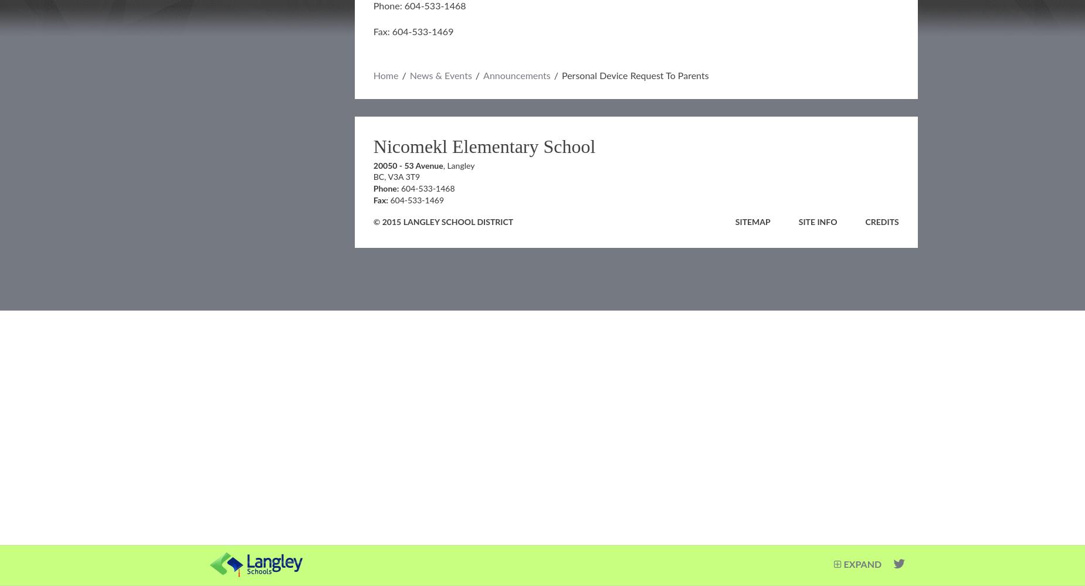 This screenshot has width=1085, height=586. Describe the element at coordinates (440, 76) in the screenshot. I see `'News & Events'` at that location.